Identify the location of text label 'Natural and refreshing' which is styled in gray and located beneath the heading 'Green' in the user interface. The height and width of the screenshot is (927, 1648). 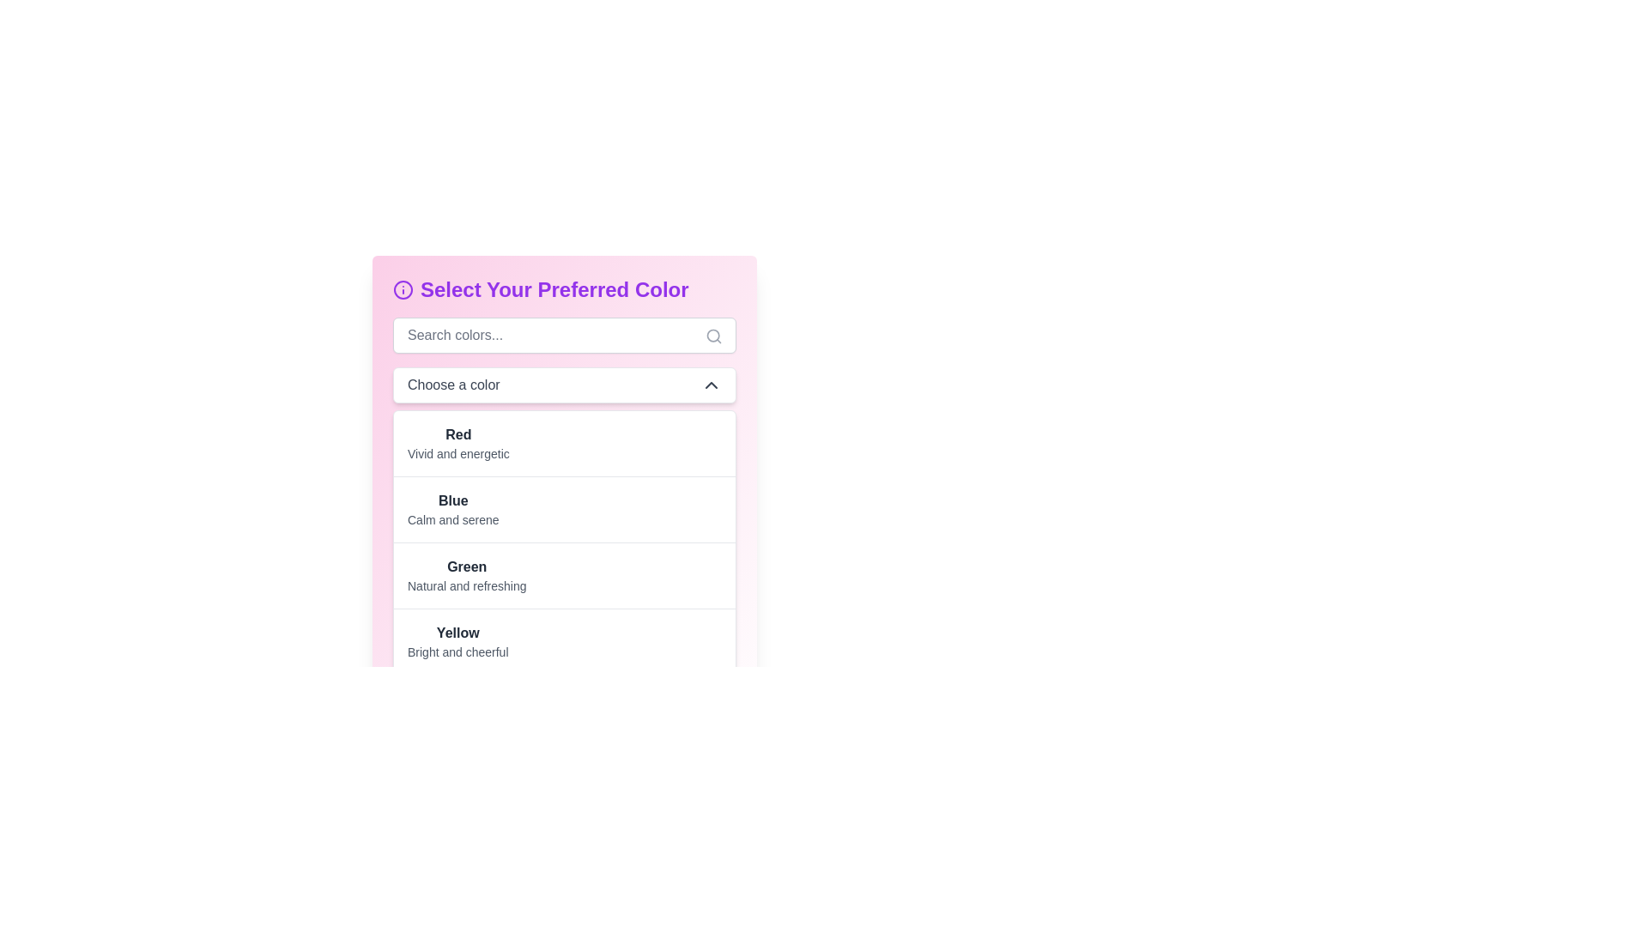
(467, 585).